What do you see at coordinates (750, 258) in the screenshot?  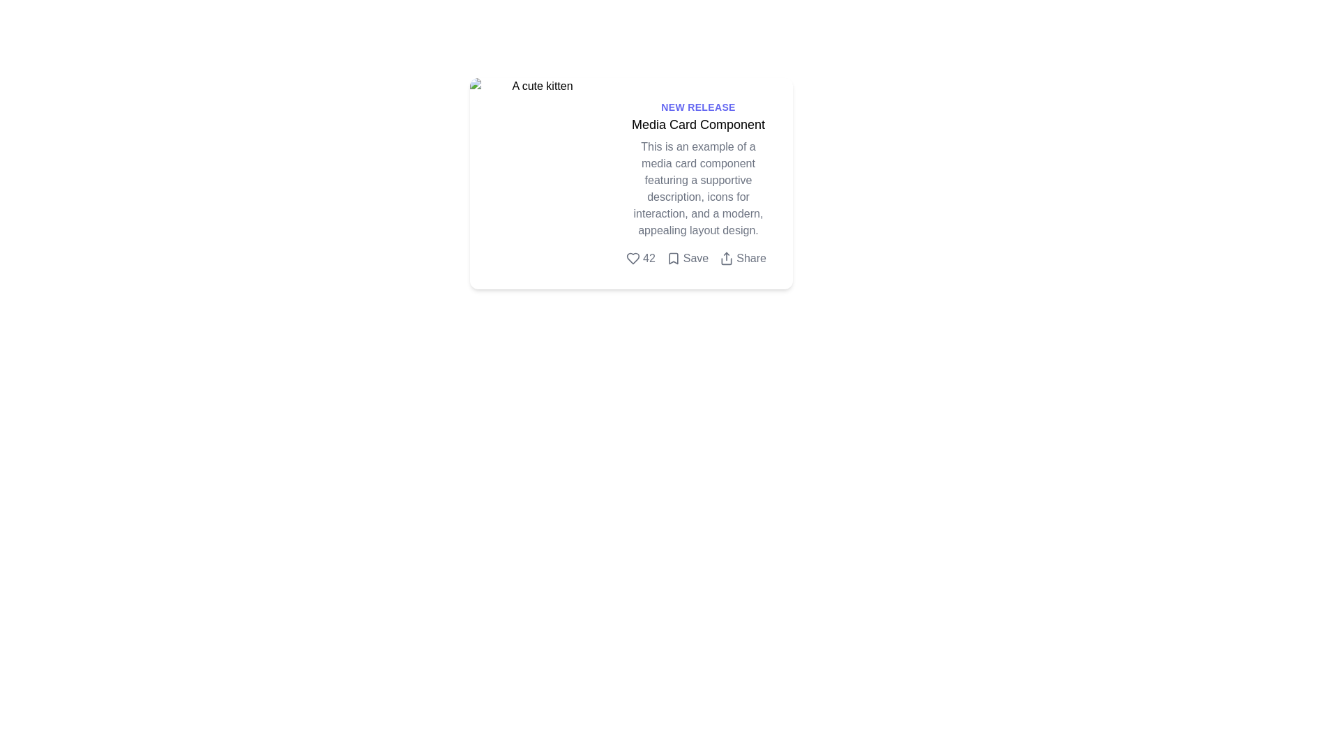 I see `the 'Share' label located at the bottom right of the media card component` at bounding box center [750, 258].